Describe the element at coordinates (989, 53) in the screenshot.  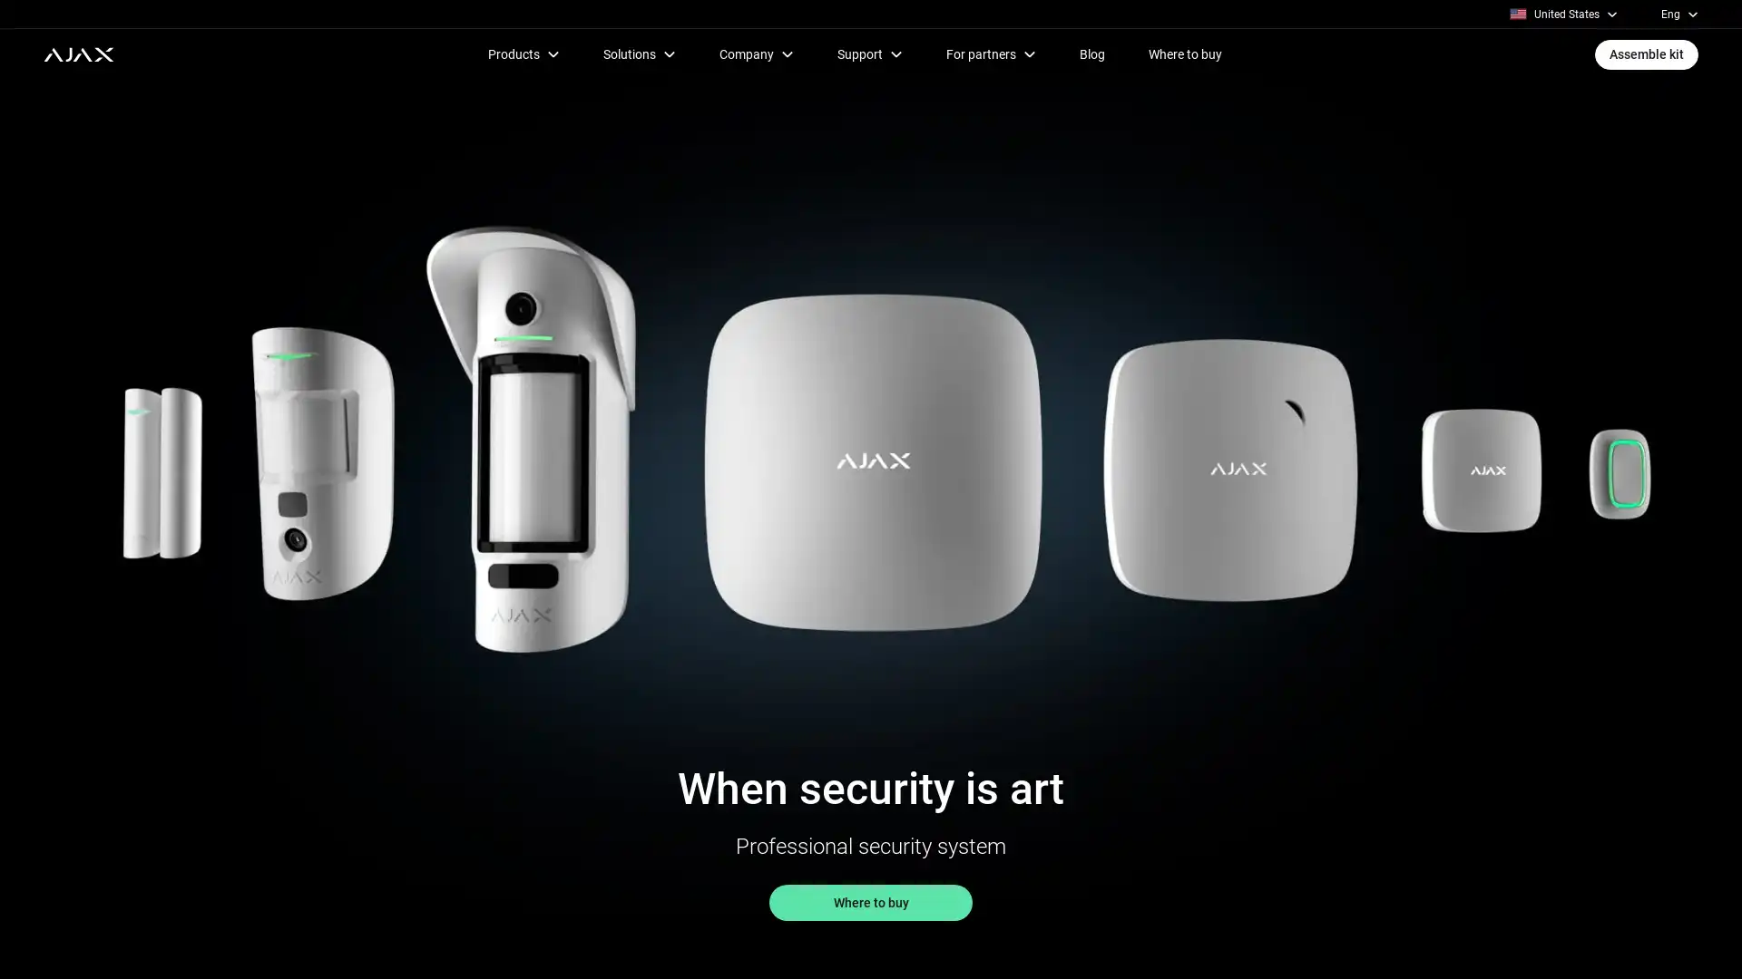
I see `For partners` at that location.